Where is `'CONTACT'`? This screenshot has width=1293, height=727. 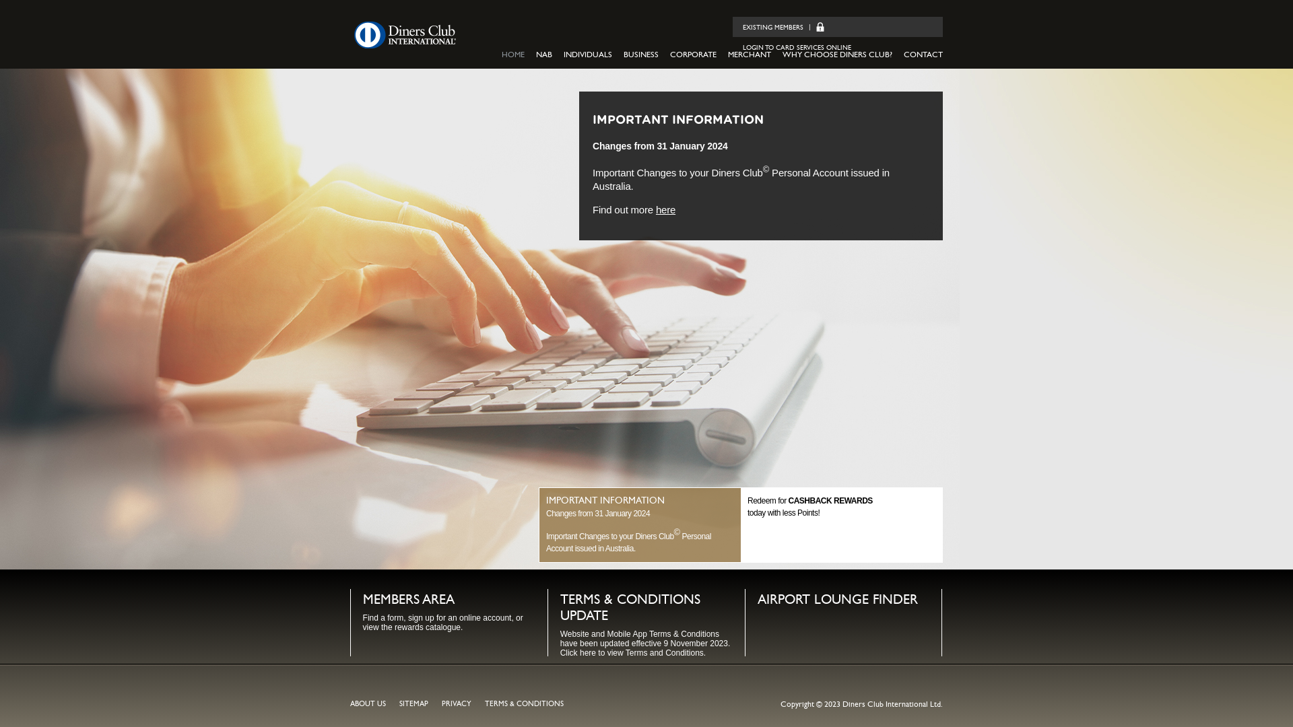
'CONTACT' is located at coordinates (923, 54).